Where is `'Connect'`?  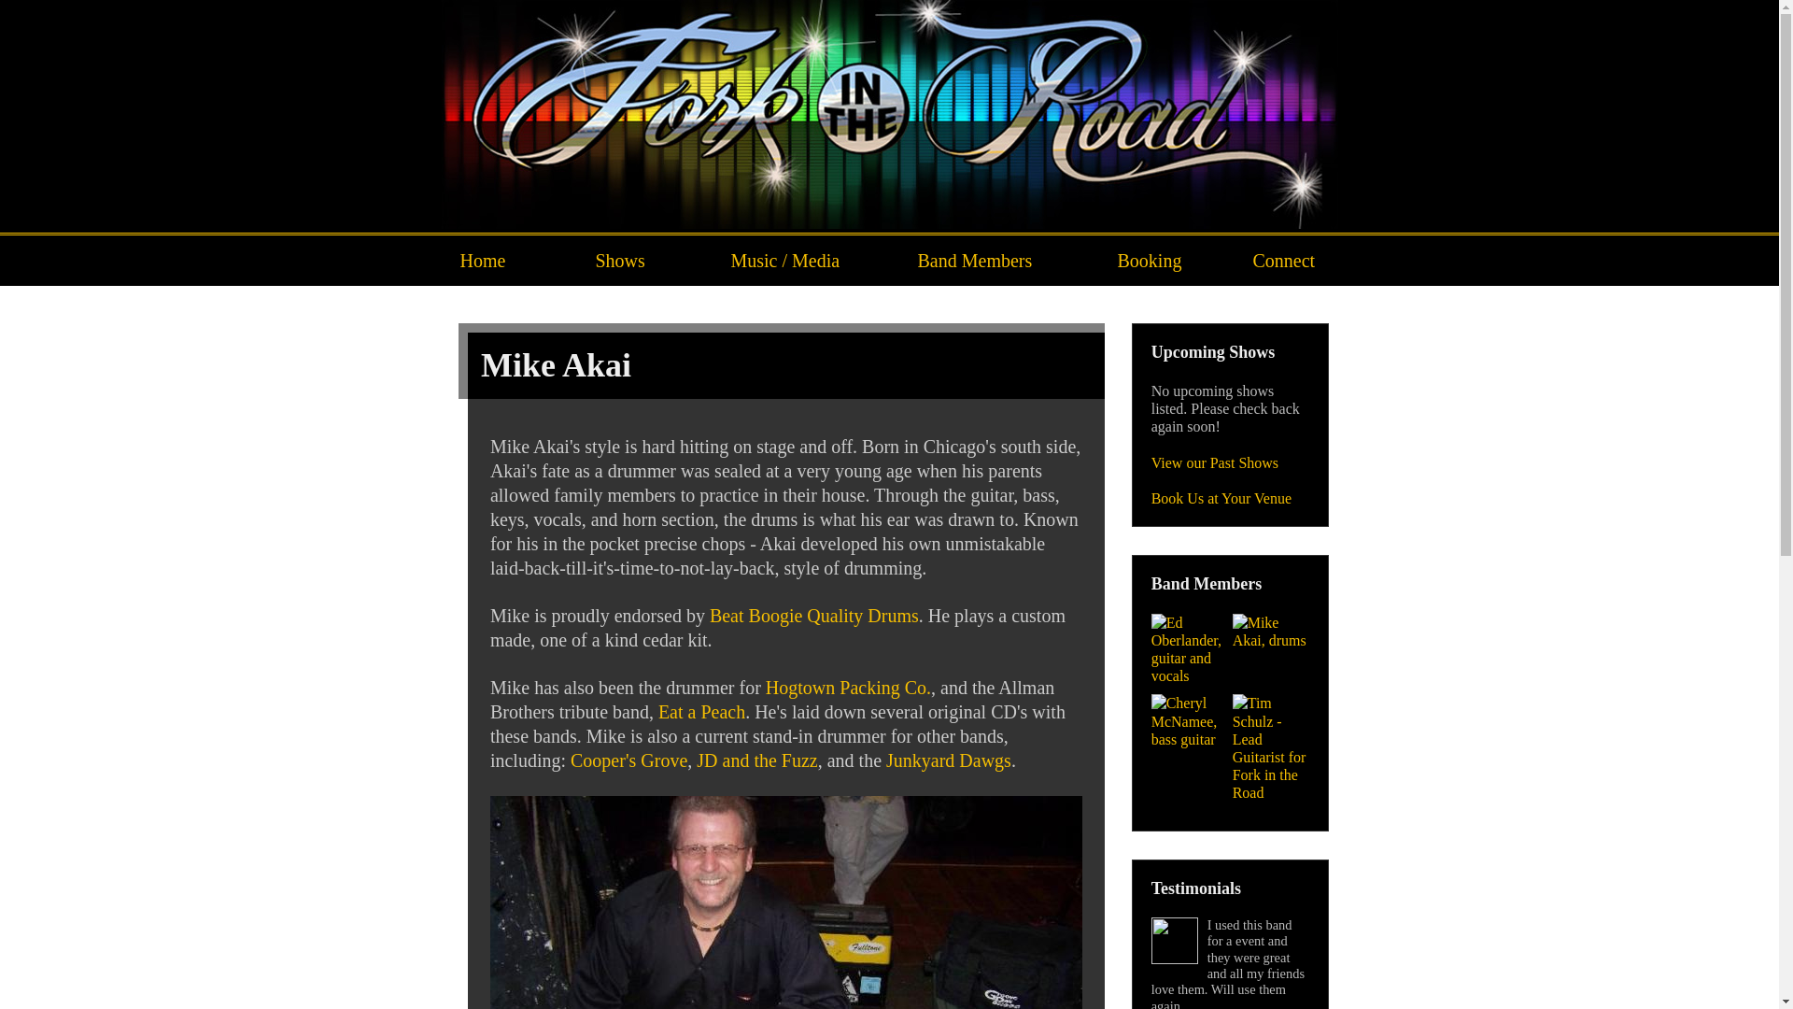
'Connect' is located at coordinates (1285, 260).